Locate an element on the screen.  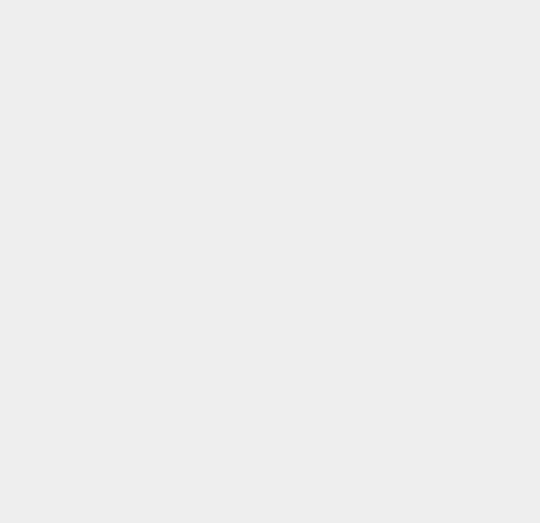
'Apple' is located at coordinates (382, 32).